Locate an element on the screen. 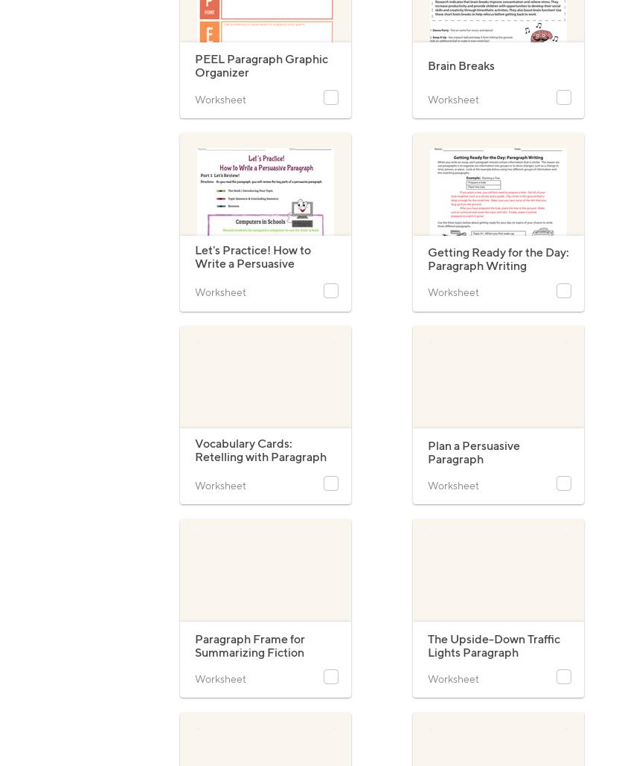 The height and width of the screenshot is (766, 622). 'Use these vocabulary cards with the EL Support Lesson: Retelling with Paragraph Frames.' is located at coordinates (257, 493).